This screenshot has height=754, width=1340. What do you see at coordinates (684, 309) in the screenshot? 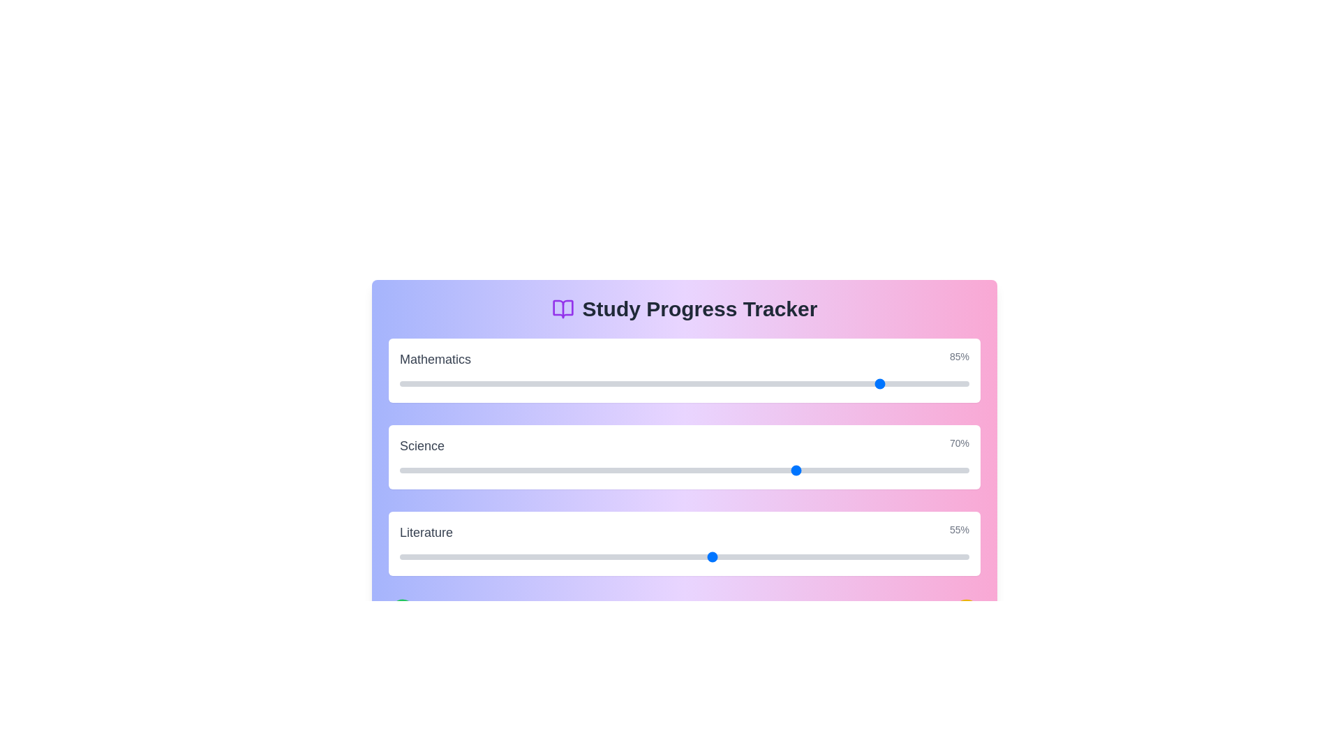
I see `the title text of the component` at bounding box center [684, 309].